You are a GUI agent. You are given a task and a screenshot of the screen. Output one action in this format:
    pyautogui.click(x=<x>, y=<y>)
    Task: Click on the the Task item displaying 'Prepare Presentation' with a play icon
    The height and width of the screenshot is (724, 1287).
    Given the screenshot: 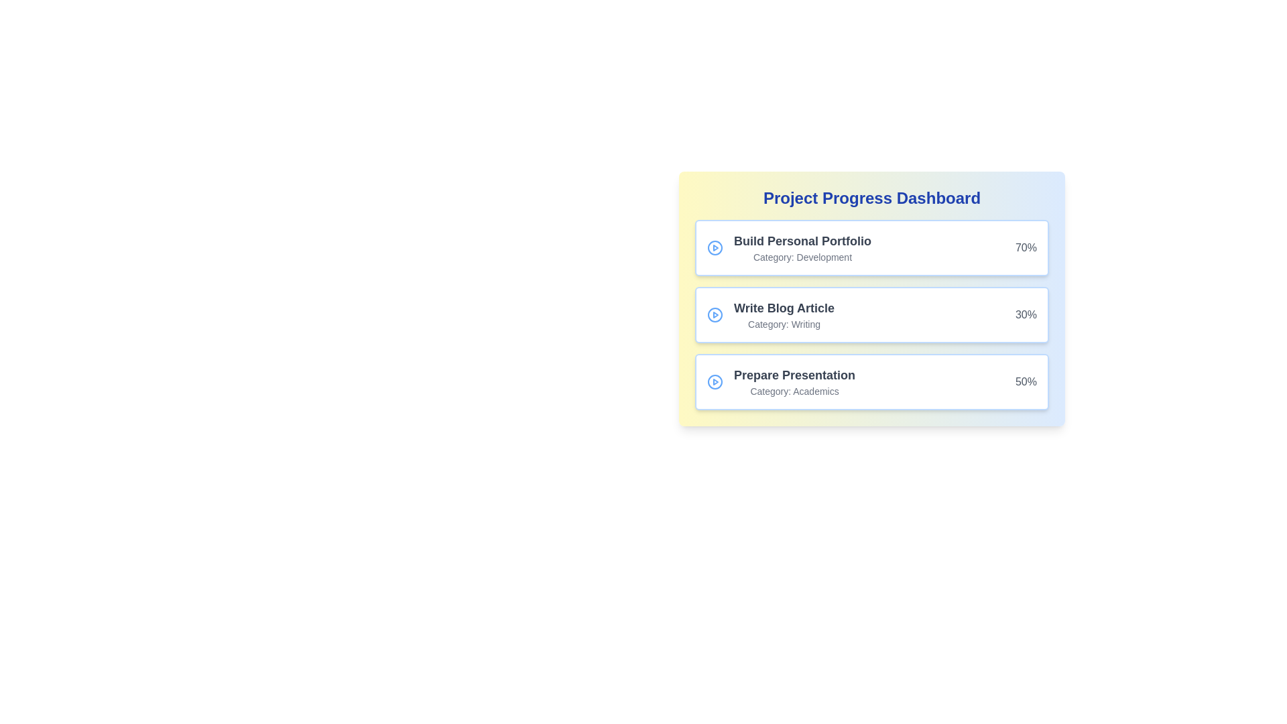 What is the action you would take?
    pyautogui.click(x=781, y=382)
    